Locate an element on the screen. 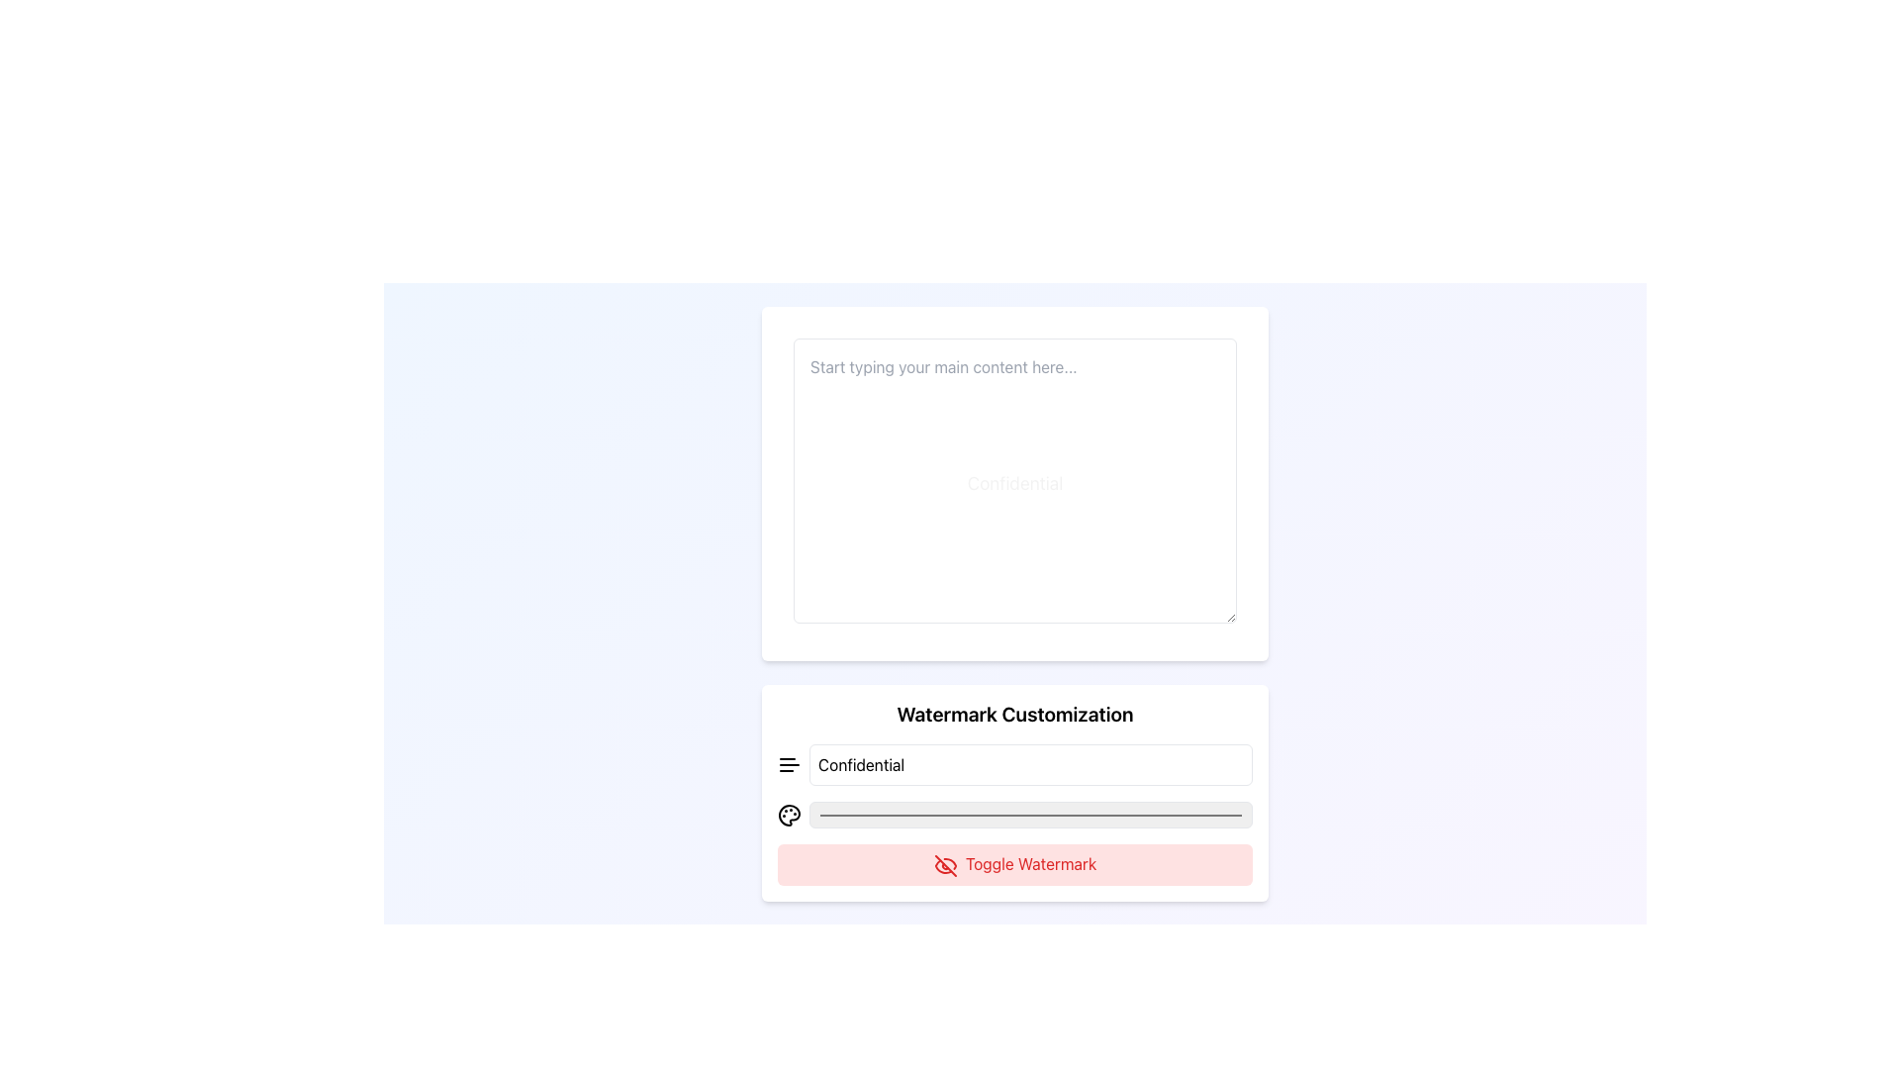 Image resolution: width=1900 pixels, height=1069 pixels. the icon depicting three horizontal lines, which is vertically centered within the 'Watermark Customization' input field group, located to the left of the 'Confidential' text input field is located at coordinates (788, 763).